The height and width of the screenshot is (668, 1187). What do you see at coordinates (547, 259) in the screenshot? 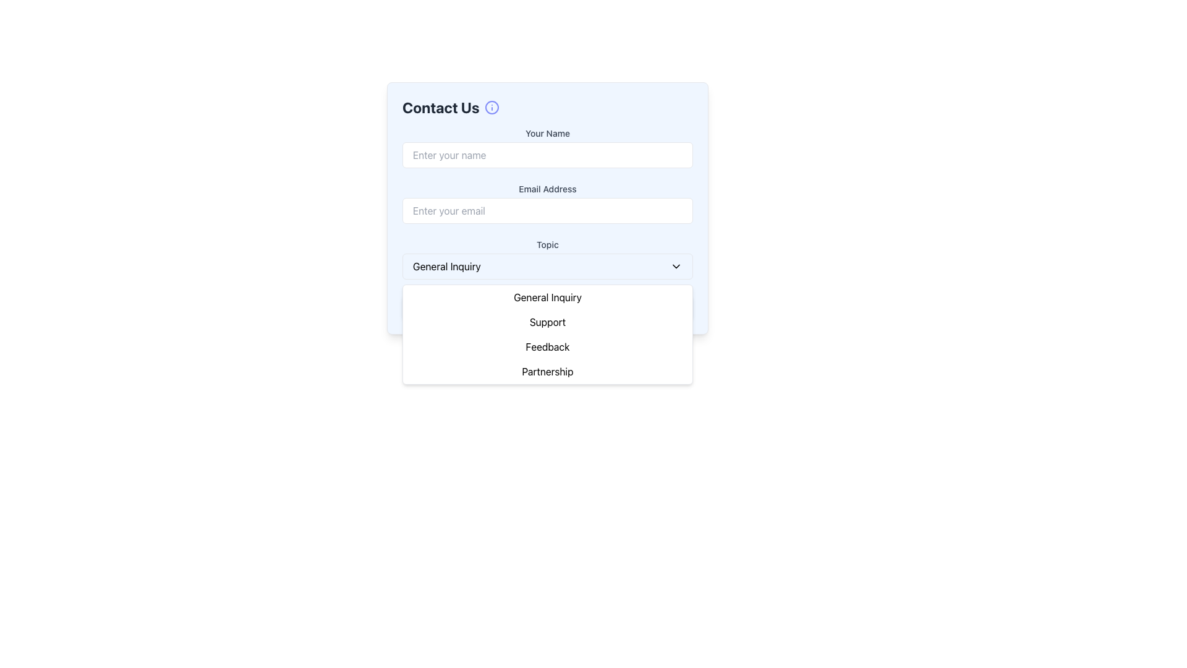
I see `an option from the dropdown menu located in the middle section of the contact form interface, directly below the email address input field and above the 'Submit' button` at bounding box center [547, 259].